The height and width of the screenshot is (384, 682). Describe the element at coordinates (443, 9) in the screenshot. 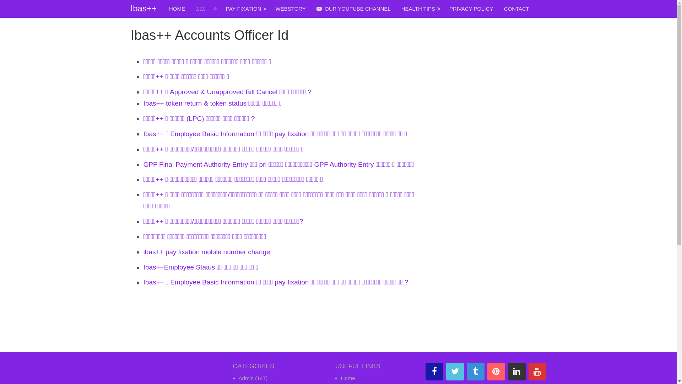

I see `'PRIVACY POLICY'` at that location.